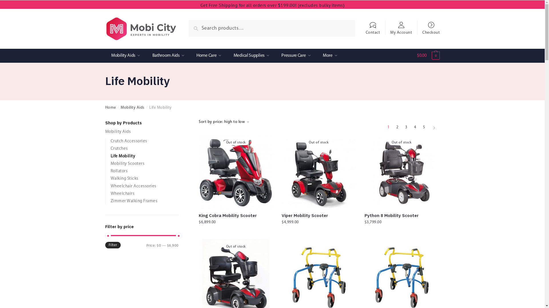  Describe the element at coordinates (415, 127) in the screenshot. I see `'4'` at that location.